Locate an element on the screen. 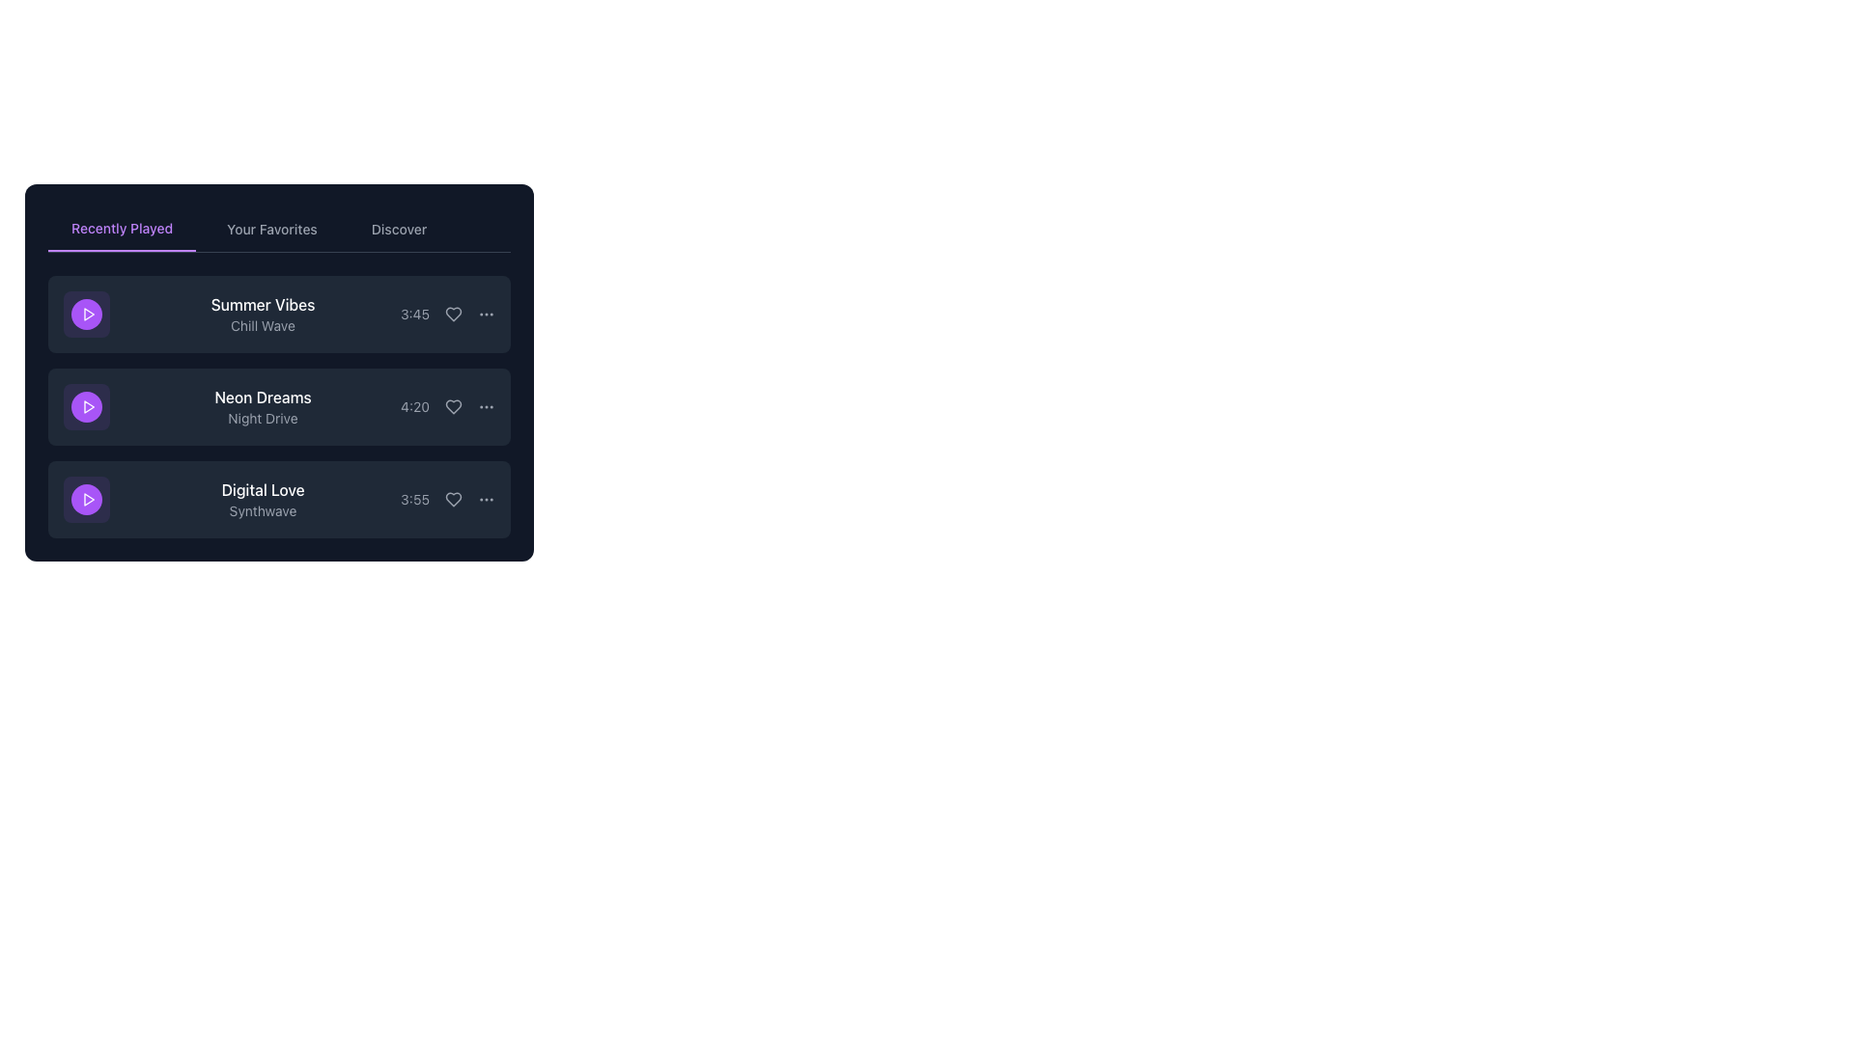  the static text label that serves as the title of the first item in the vertical list, which represents a music track and is positioned above the subtitle 'Chill Wave' is located at coordinates (262, 304).